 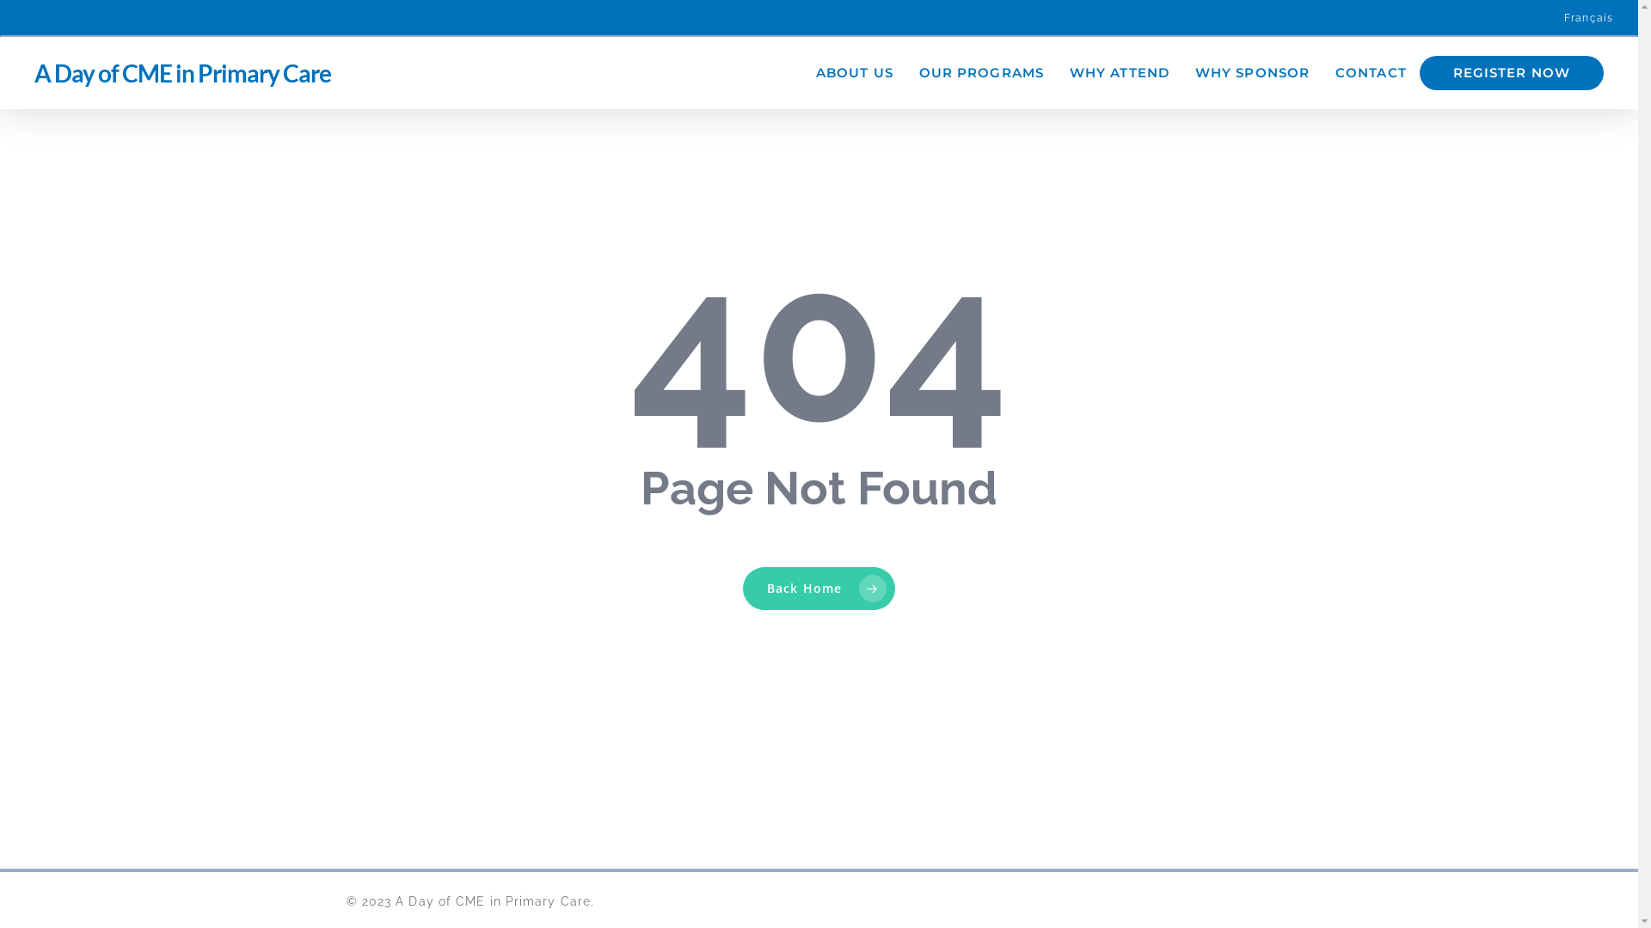 What do you see at coordinates (1321, 71) in the screenshot?
I see `'CONTACT'` at bounding box center [1321, 71].